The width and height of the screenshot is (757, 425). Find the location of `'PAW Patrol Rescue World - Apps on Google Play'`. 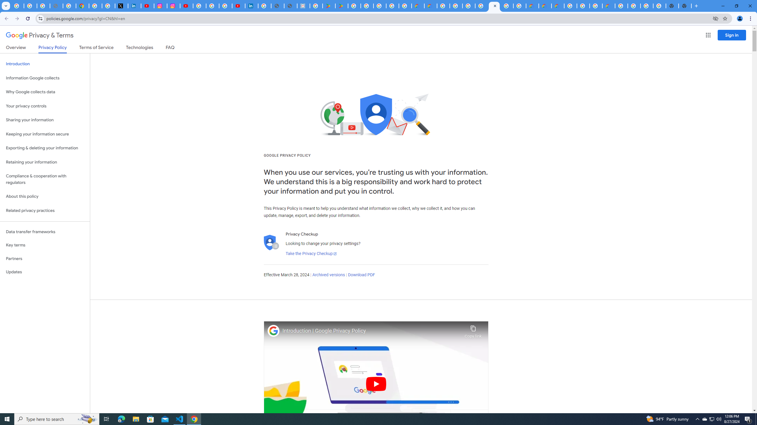

'PAW Patrol Rescue World - Apps on Google Play' is located at coordinates (341, 6).